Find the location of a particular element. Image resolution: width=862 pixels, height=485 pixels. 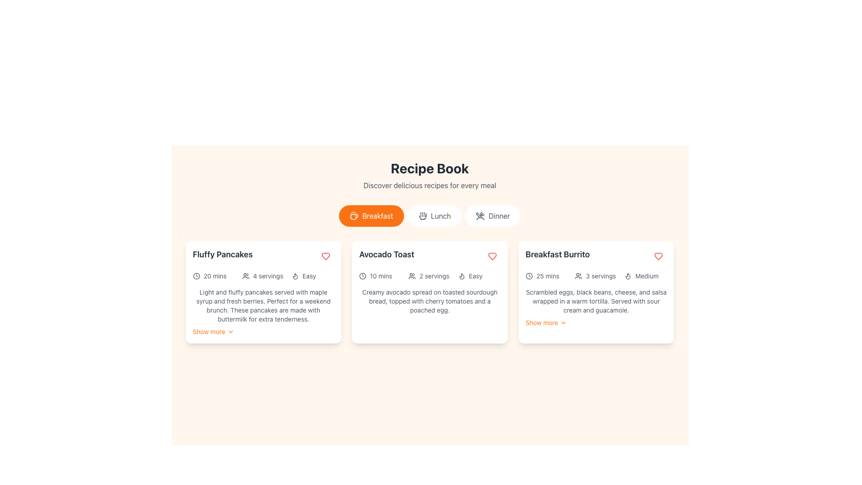

the small soup bowl icon within the 'Lunch' button located in the middle of the navigation options under the title 'Recipe Book' is located at coordinates (422, 216).